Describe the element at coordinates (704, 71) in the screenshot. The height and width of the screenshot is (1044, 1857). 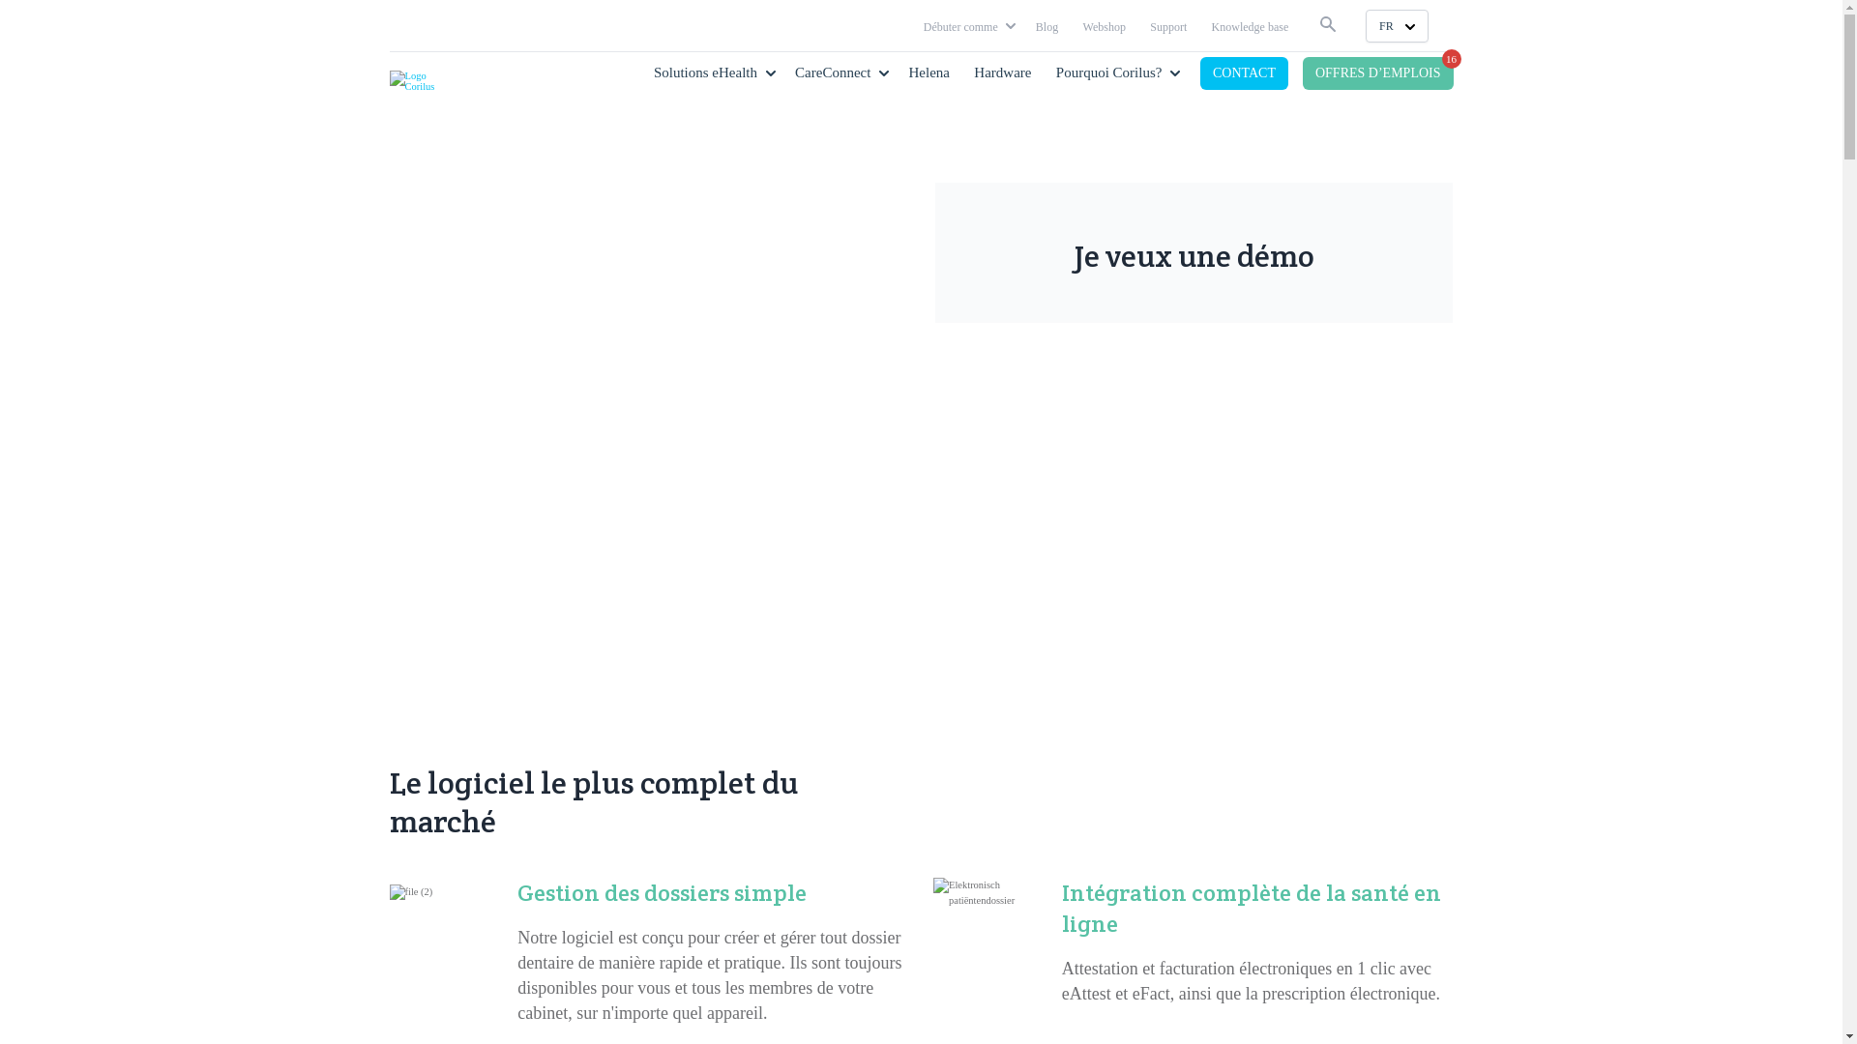
I see `'Solutions eHealth'` at that location.